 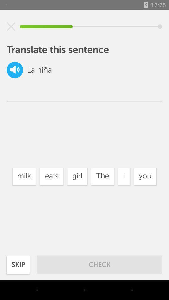 I want to click on the skip item, so click(x=18, y=264).